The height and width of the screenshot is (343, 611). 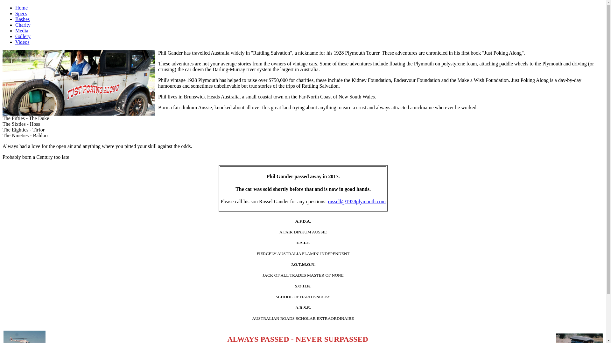 What do you see at coordinates (23, 24) in the screenshot?
I see `'Charity'` at bounding box center [23, 24].